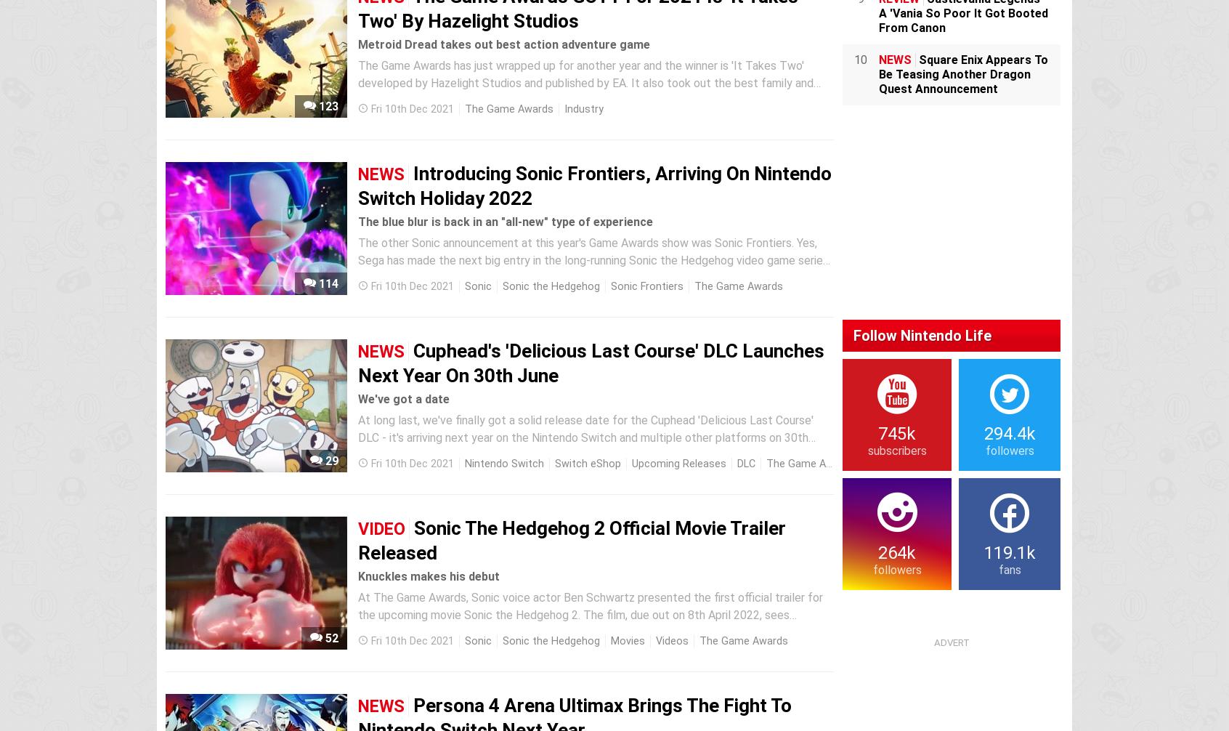  Describe the element at coordinates (591, 362) in the screenshot. I see `'Cuphead's 'Delicious Last Course' DLC Launches Next Year On 30th June'` at that location.